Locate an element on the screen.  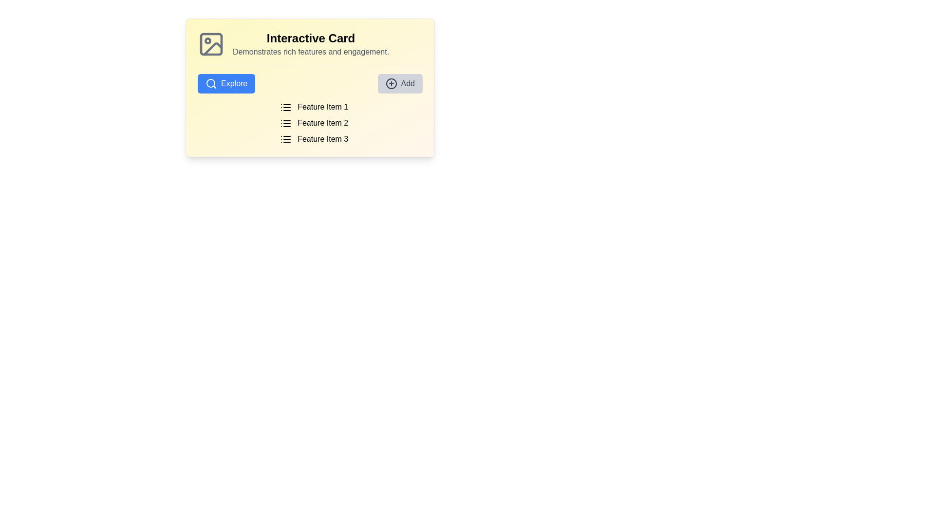
the text label that reads 'Demonstrates rich features and engagement.' styled in light gray, located below the title 'Interactive Card' on a pastel yellow background is located at coordinates (310, 52).